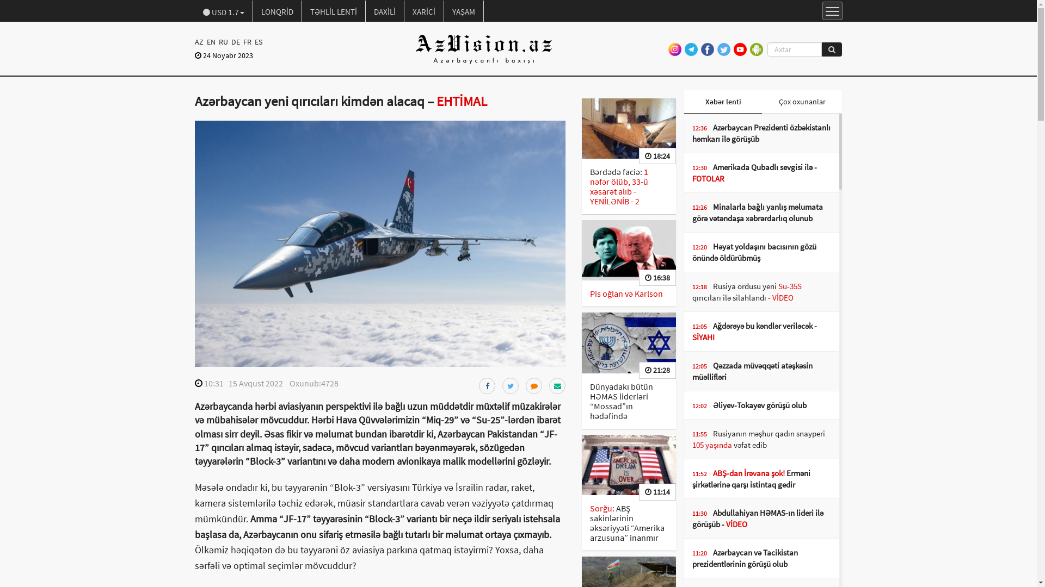 Image resolution: width=1045 pixels, height=587 pixels. Describe the element at coordinates (247, 41) in the screenshot. I see `'FR'` at that location.